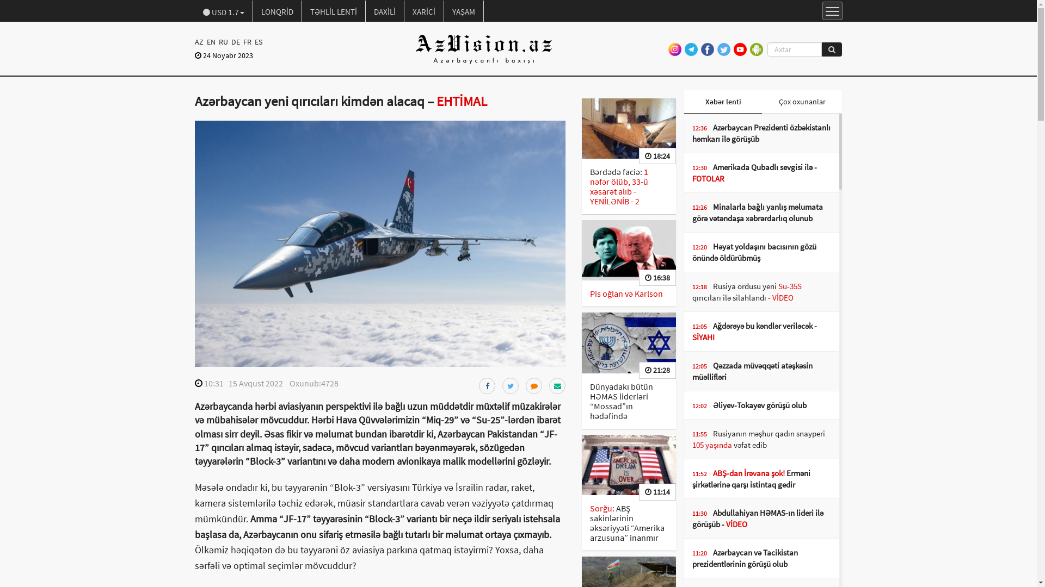 Image resolution: width=1045 pixels, height=587 pixels. Describe the element at coordinates (247, 41) in the screenshot. I see `'FR'` at that location.